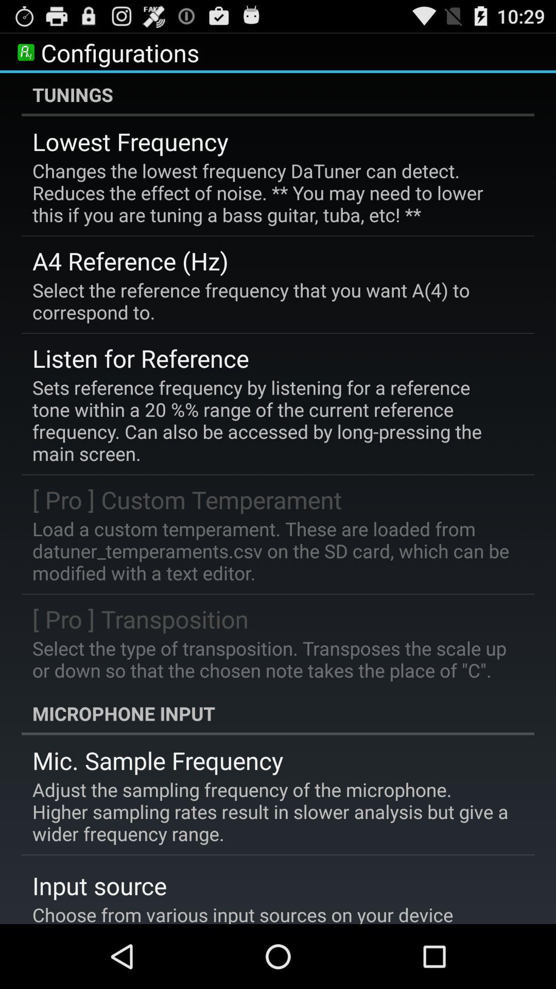 The height and width of the screenshot is (989, 556). Describe the element at coordinates (130, 261) in the screenshot. I see `item above the select the reference icon` at that location.